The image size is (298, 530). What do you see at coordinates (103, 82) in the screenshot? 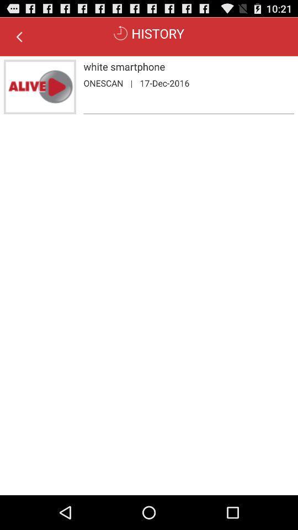
I see `the onescan` at bounding box center [103, 82].